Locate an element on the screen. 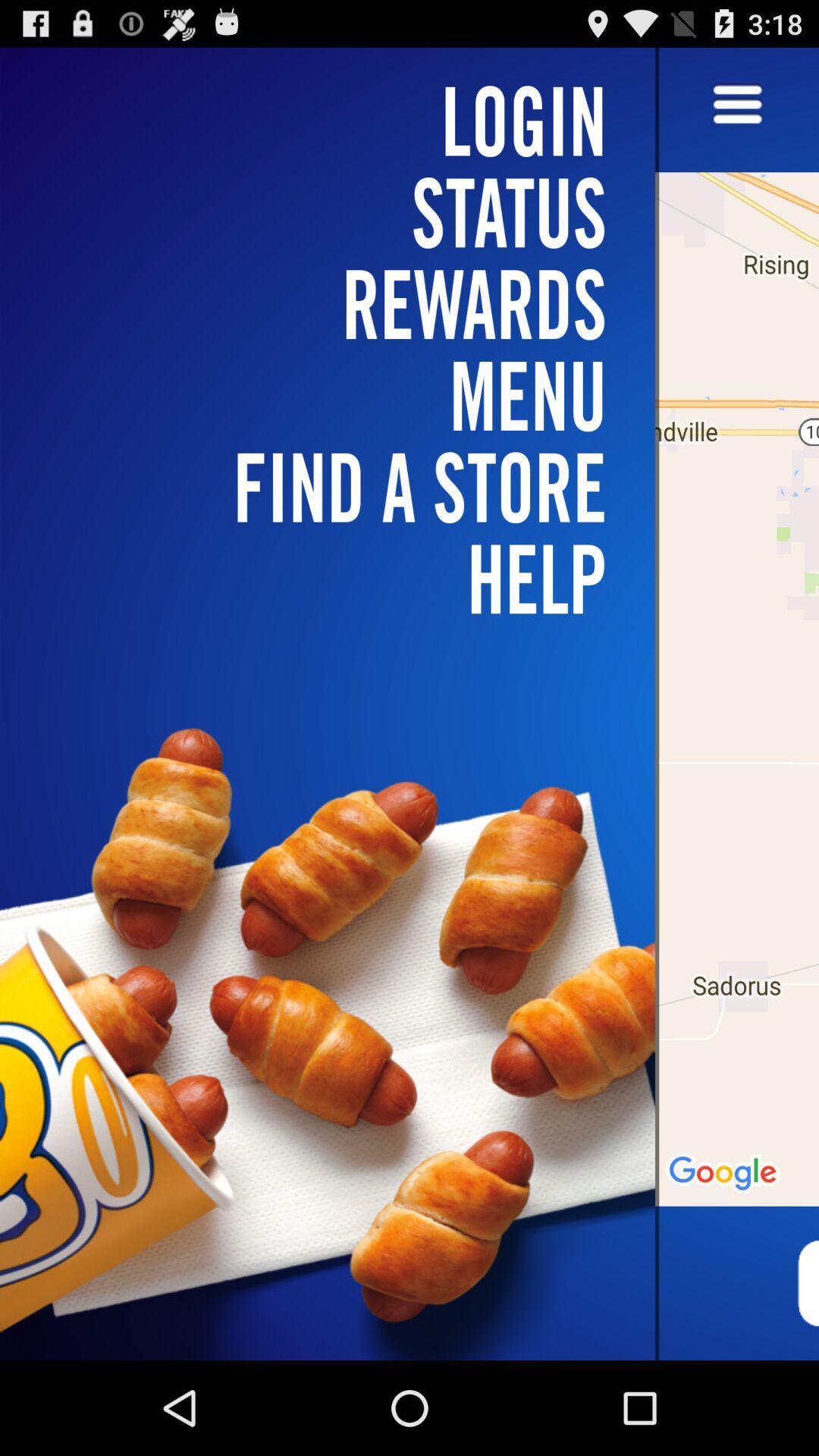 This screenshot has height=1456, width=819. the item below login item is located at coordinates (336, 303).